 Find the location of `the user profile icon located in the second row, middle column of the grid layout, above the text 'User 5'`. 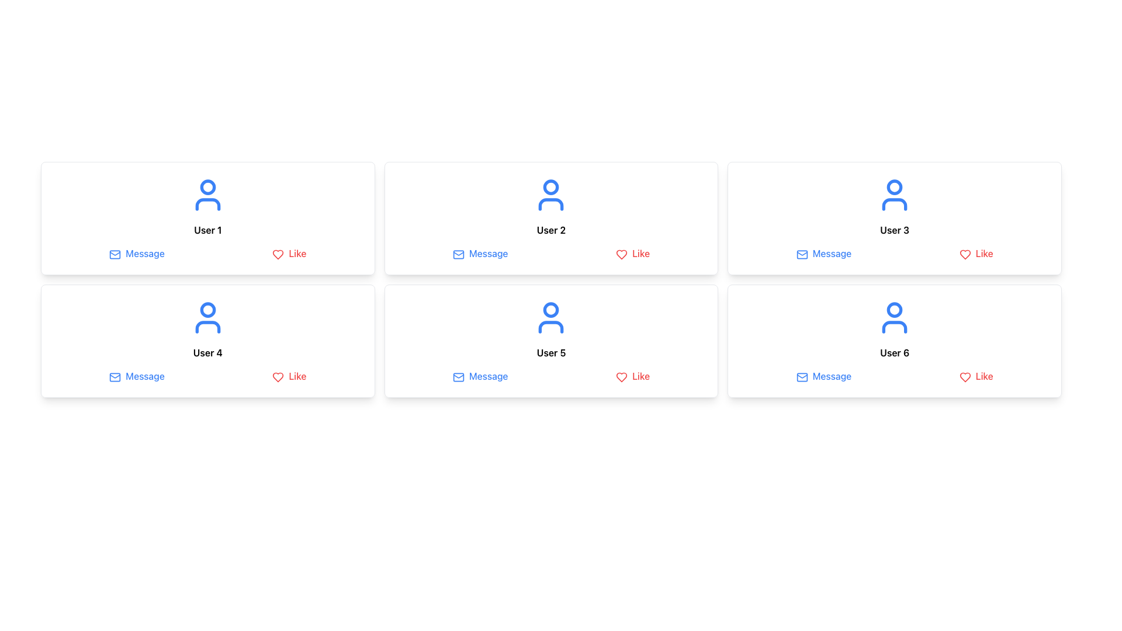

the user profile icon located in the second row, middle column of the grid layout, above the text 'User 5' is located at coordinates (550, 317).